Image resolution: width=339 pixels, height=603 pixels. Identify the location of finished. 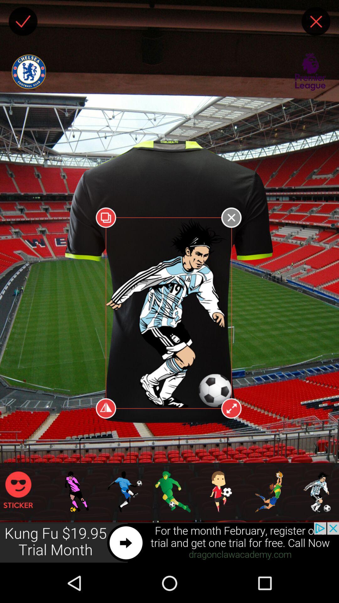
(23, 21).